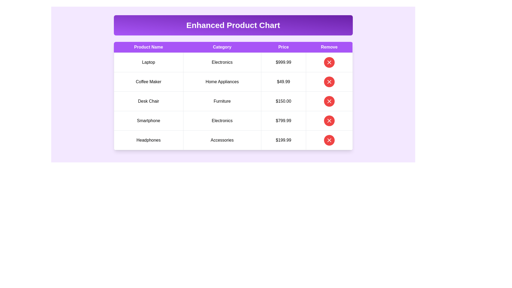  What do you see at coordinates (149, 121) in the screenshot?
I see `the Text label that describes the product category 'Smartphone' located in the fourth row under the 'Product Name' column` at bounding box center [149, 121].